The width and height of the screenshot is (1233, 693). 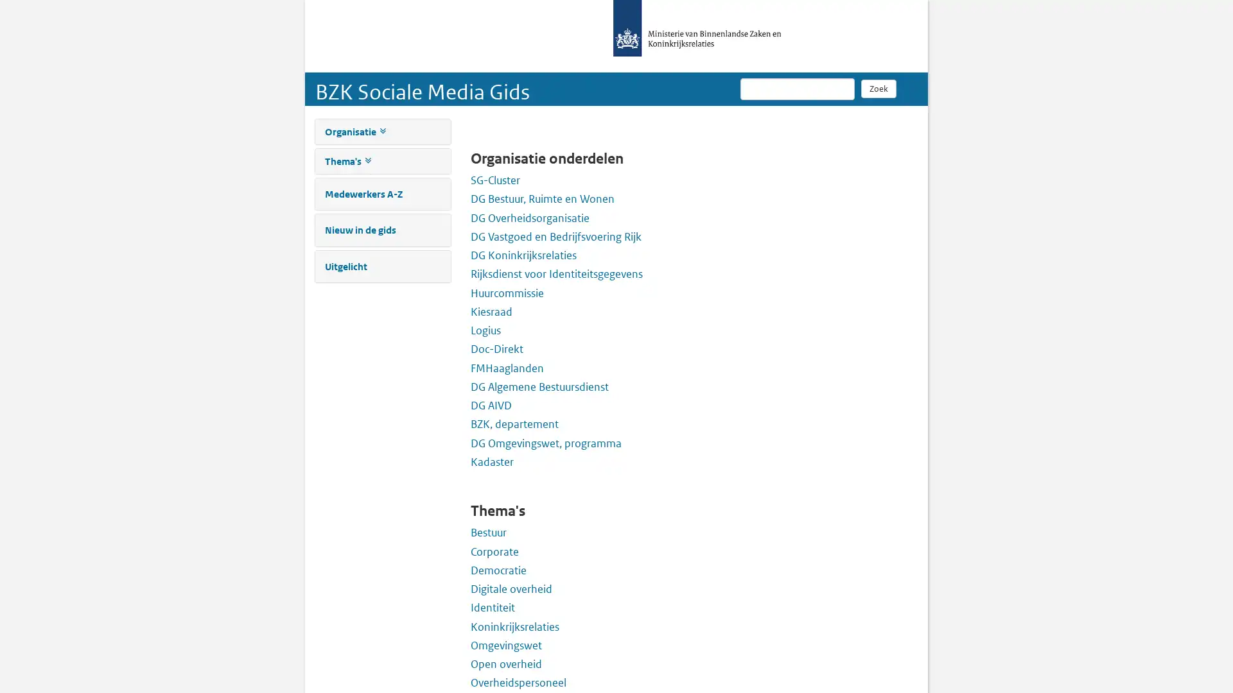 What do you see at coordinates (354, 132) in the screenshot?
I see `Organisatie` at bounding box center [354, 132].